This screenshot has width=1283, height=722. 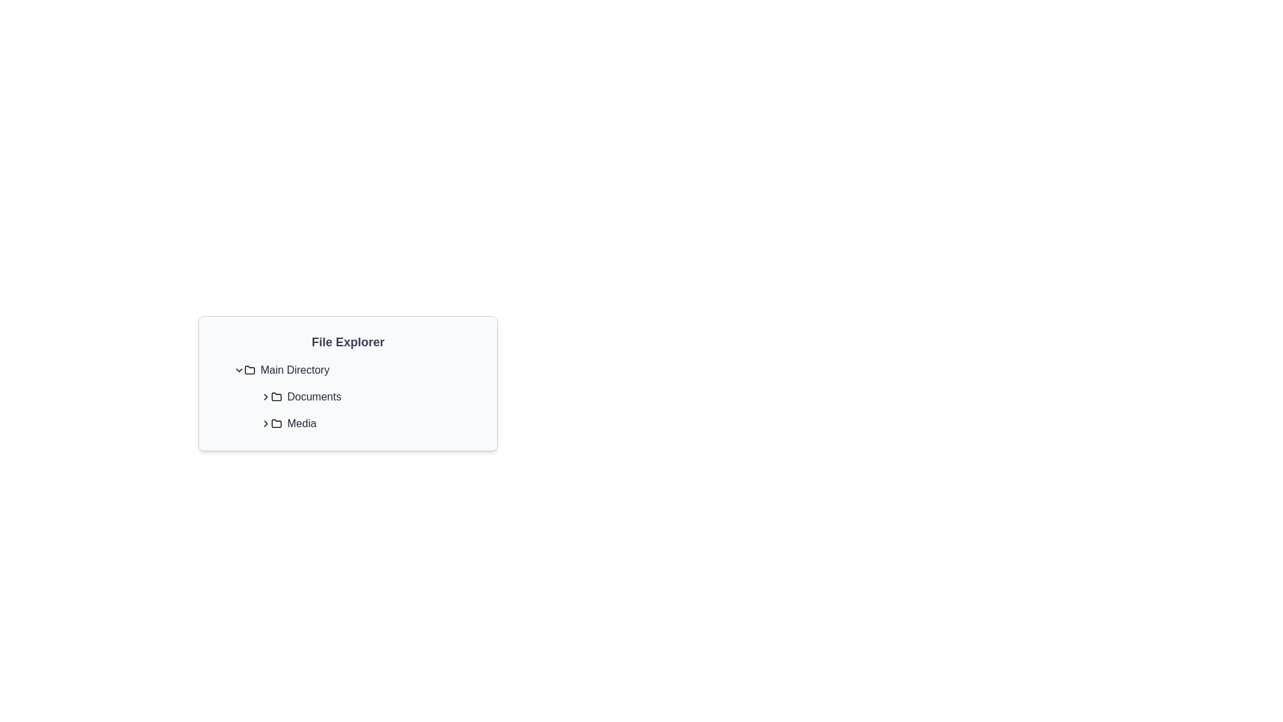 What do you see at coordinates (250, 369) in the screenshot?
I see `the minimalist folder icon located to the left of the 'Main Directory' label in the file explorer interface` at bounding box center [250, 369].